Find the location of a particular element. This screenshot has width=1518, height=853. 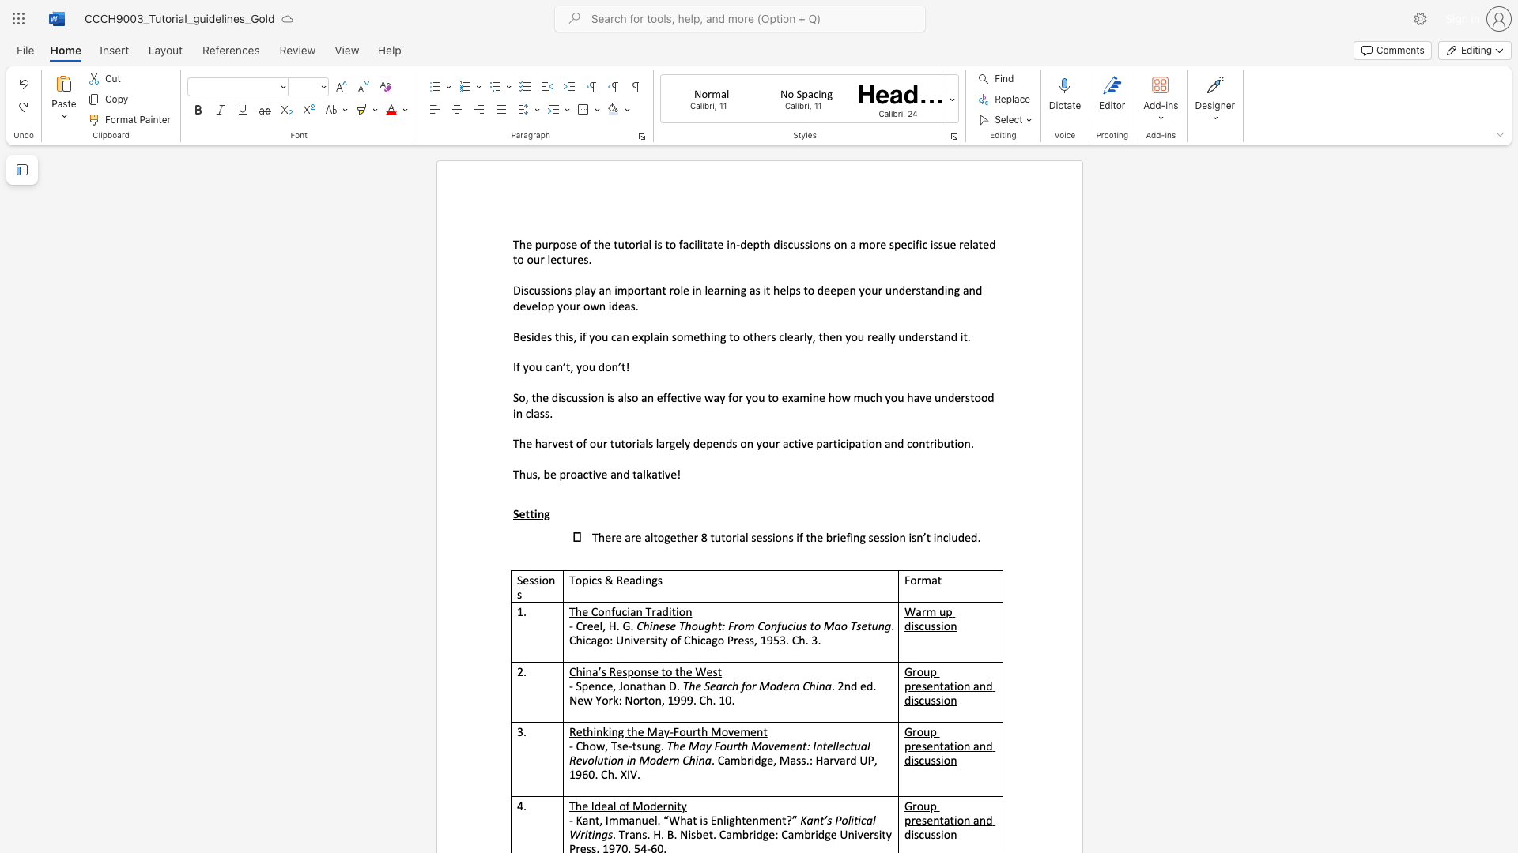

the subset text "nd talkat" within the text "Thus, be proactive and talkative!" is located at coordinates (615, 473).